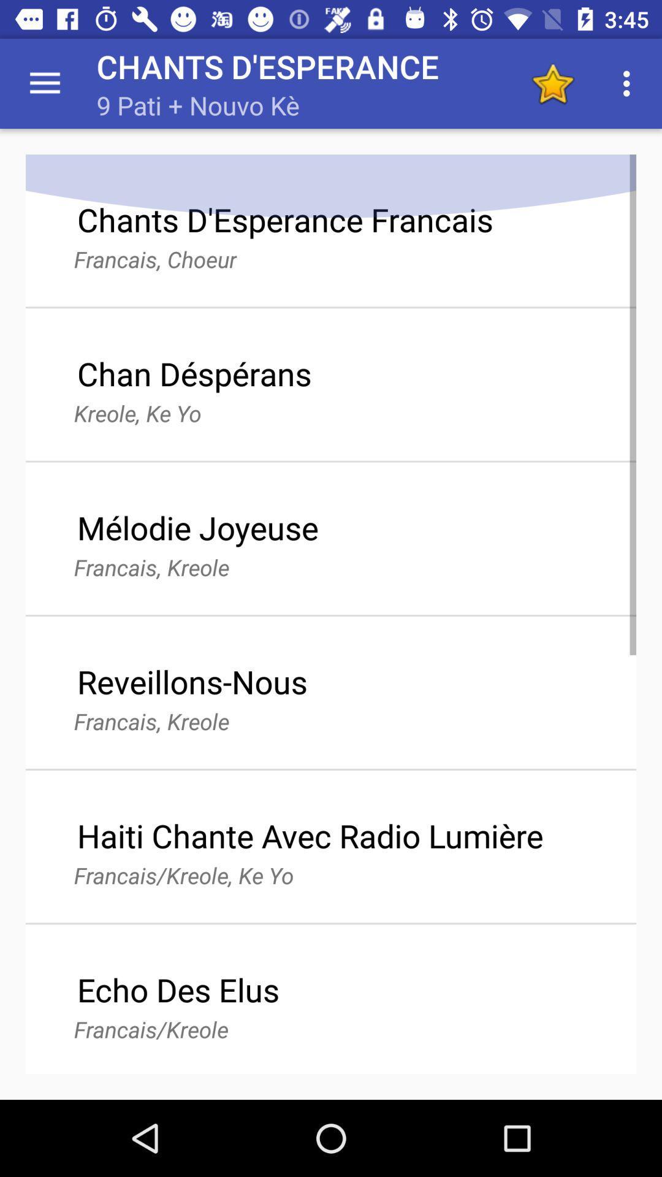 The image size is (662, 1177). What do you see at coordinates (44, 83) in the screenshot?
I see `app to the left of chants d'esperance item` at bounding box center [44, 83].